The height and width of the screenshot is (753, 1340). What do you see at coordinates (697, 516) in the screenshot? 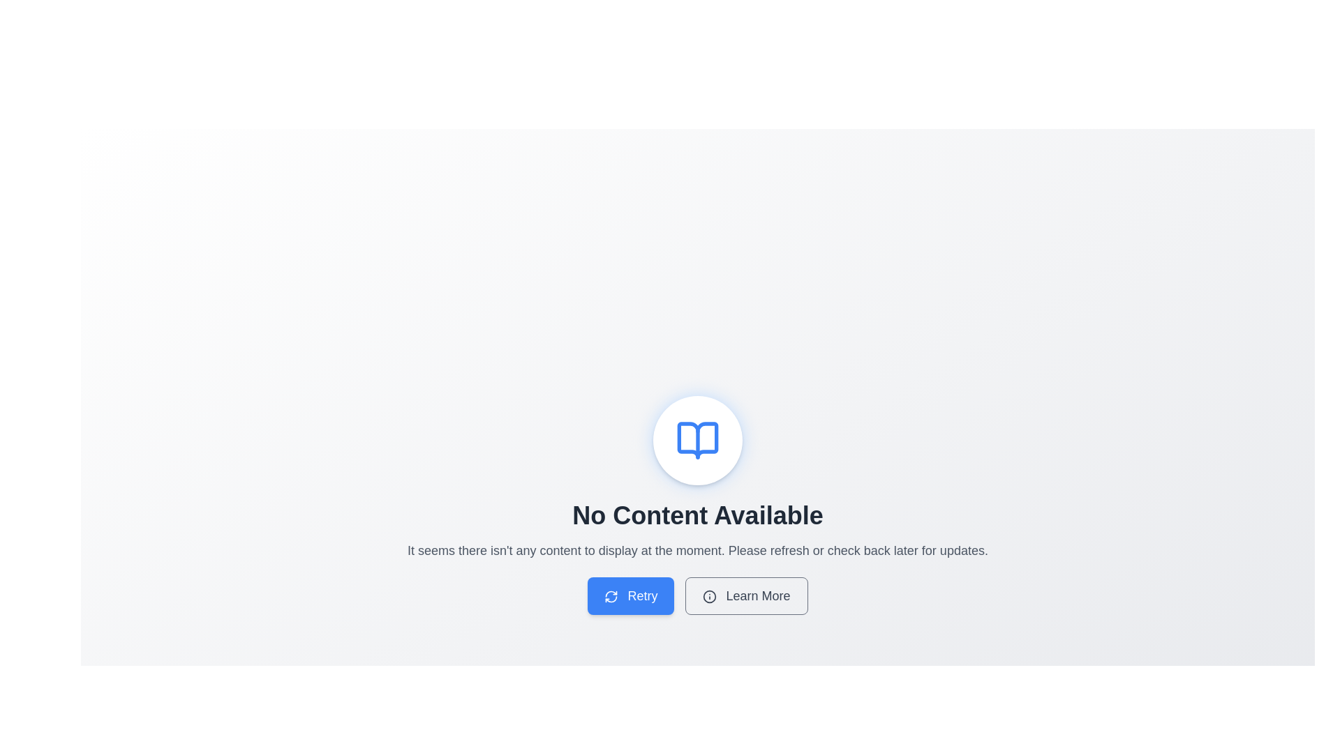
I see `the bold text saying 'No Content Available' that is centrally aligned within the message card` at bounding box center [697, 516].